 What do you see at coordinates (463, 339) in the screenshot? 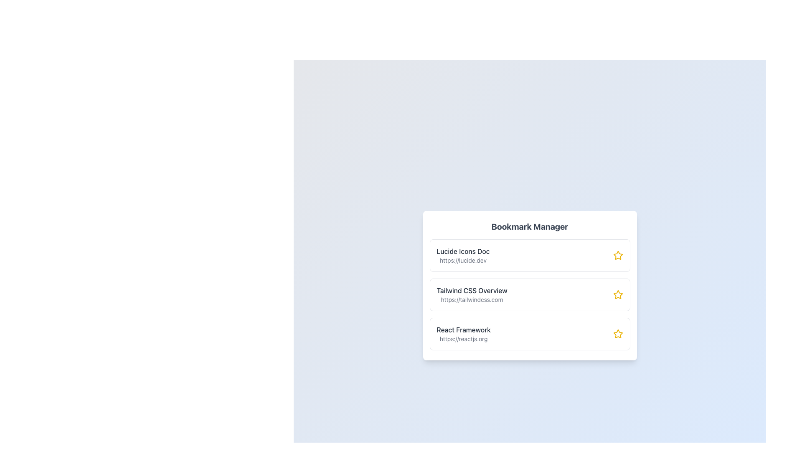
I see `the hyperlink` at bounding box center [463, 339].